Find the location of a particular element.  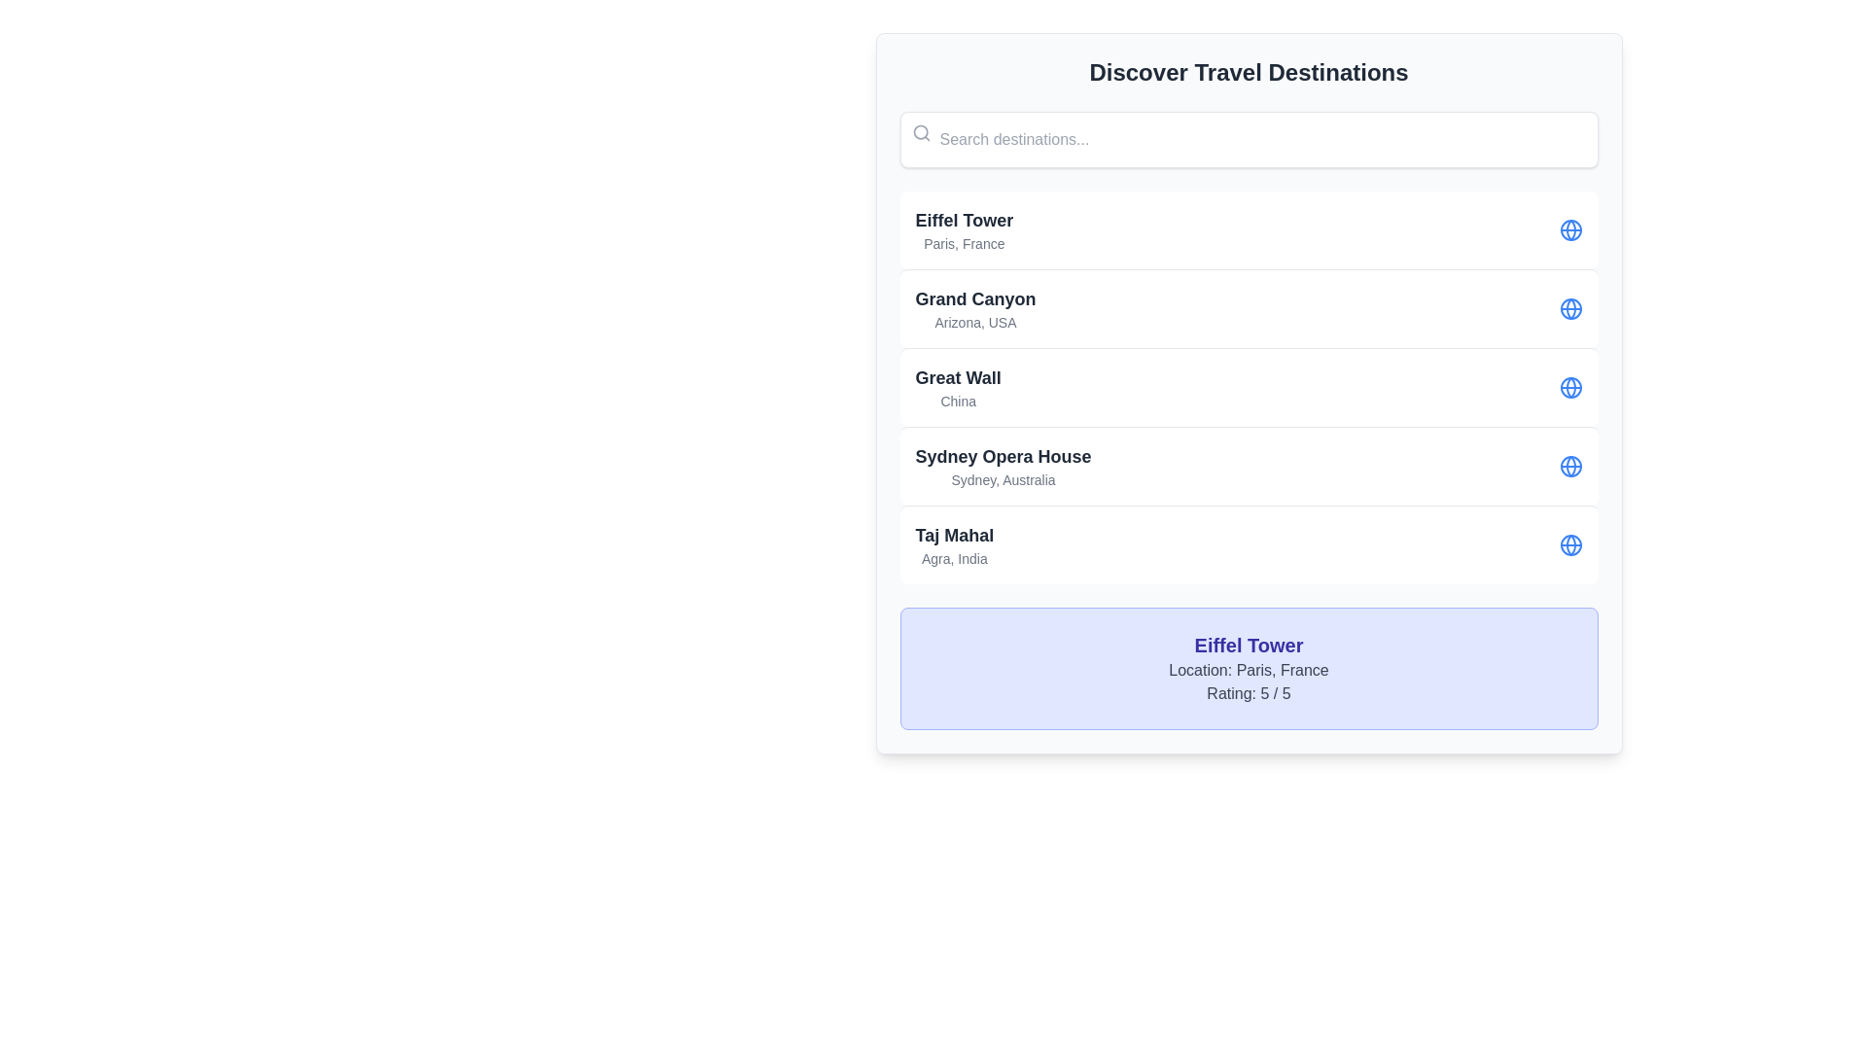

the text label displaying 'Grand Canyon' in bold, which is the second item in the vertical list of travel destinations is located at coordinates (975, 307).